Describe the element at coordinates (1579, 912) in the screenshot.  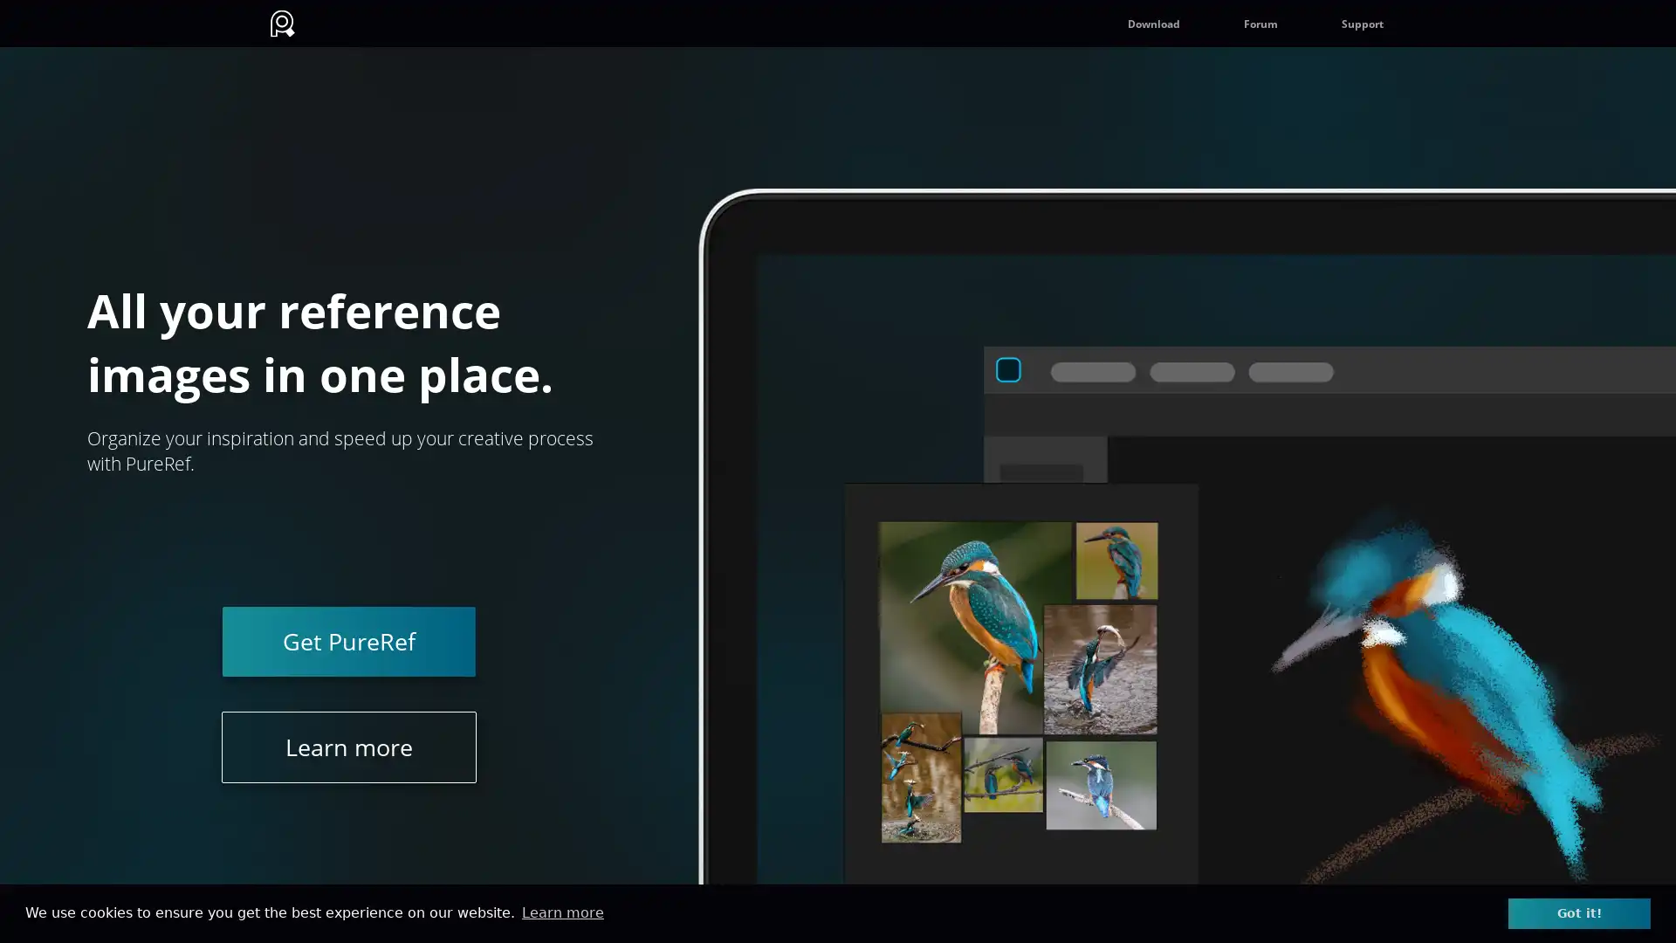
I see `dismiss cookie message` at that location.